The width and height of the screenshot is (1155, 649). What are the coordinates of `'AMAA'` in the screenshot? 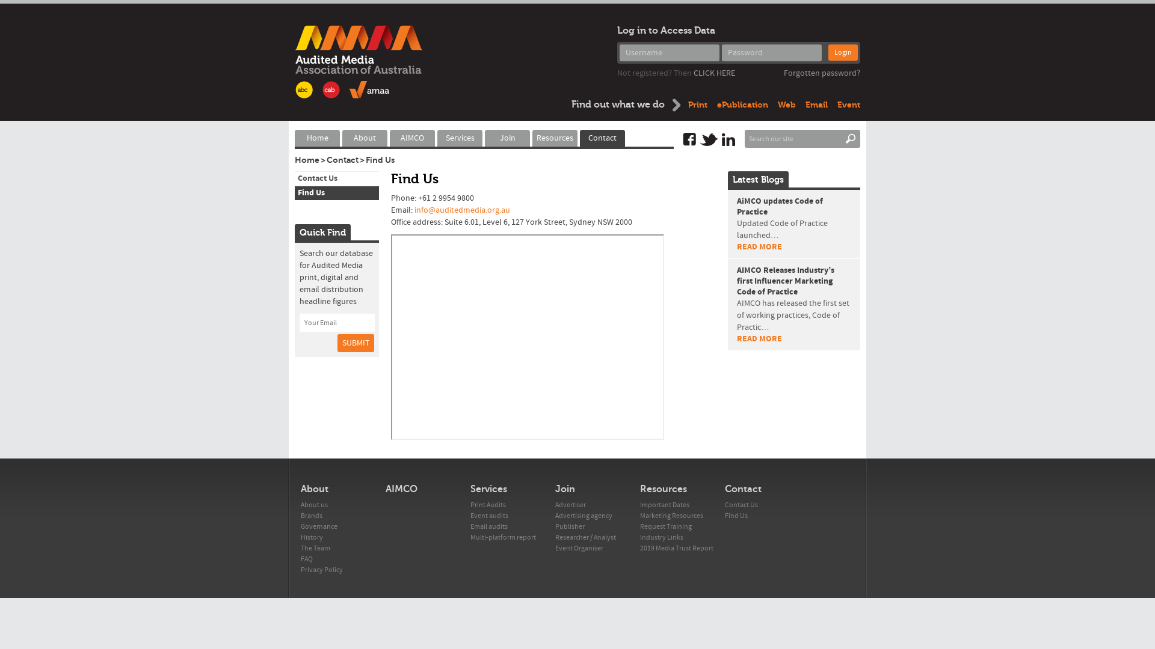 It's located at (358, 62).